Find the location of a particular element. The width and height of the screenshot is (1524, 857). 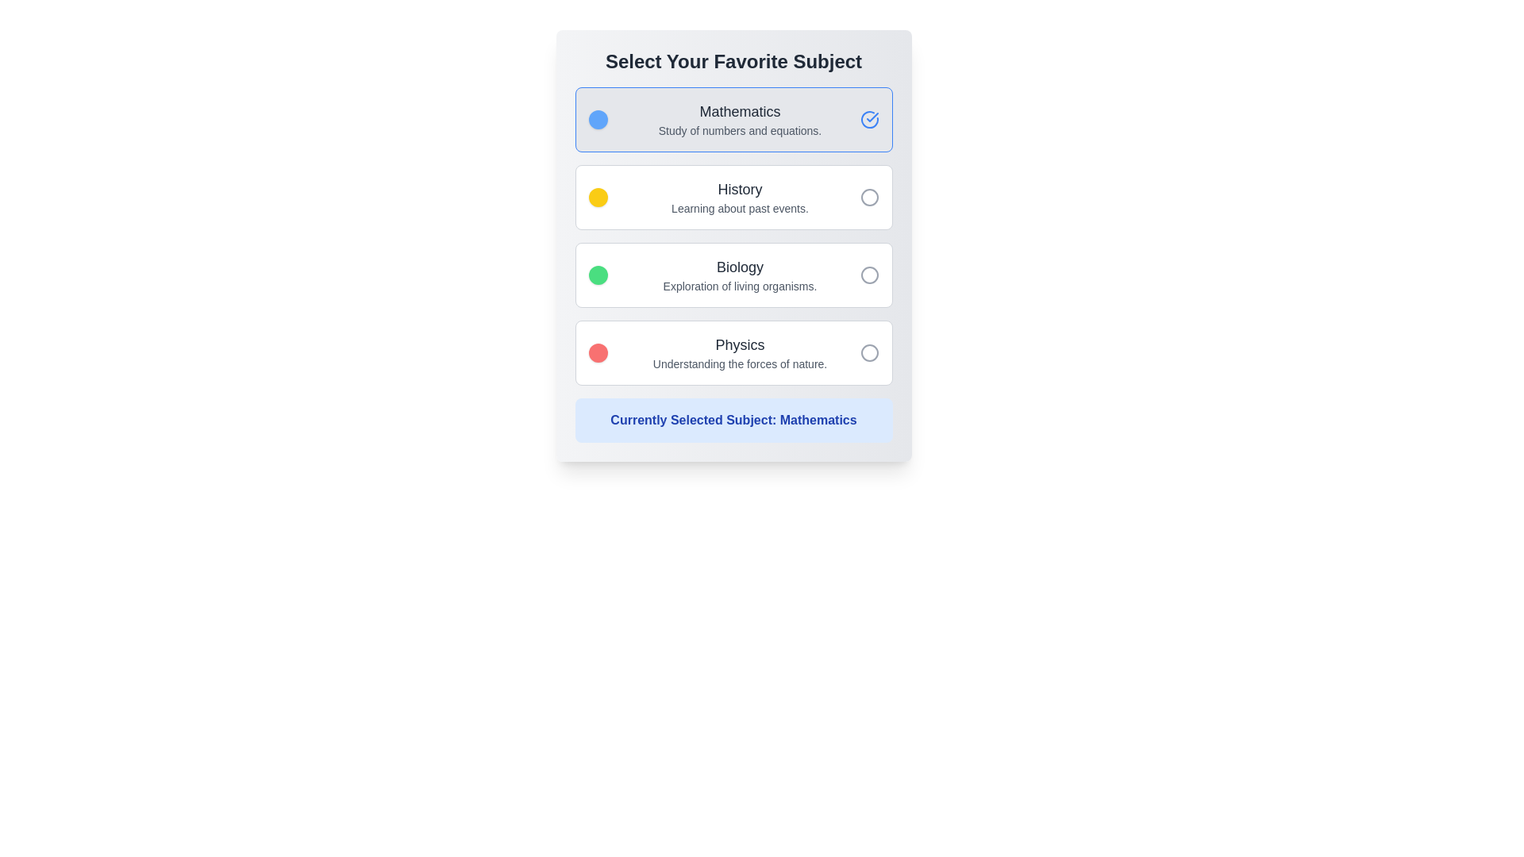

the 'History' text label within the selectable options in the 'Select Your Favorite Subject' panel is located at coordinates (739, 197).